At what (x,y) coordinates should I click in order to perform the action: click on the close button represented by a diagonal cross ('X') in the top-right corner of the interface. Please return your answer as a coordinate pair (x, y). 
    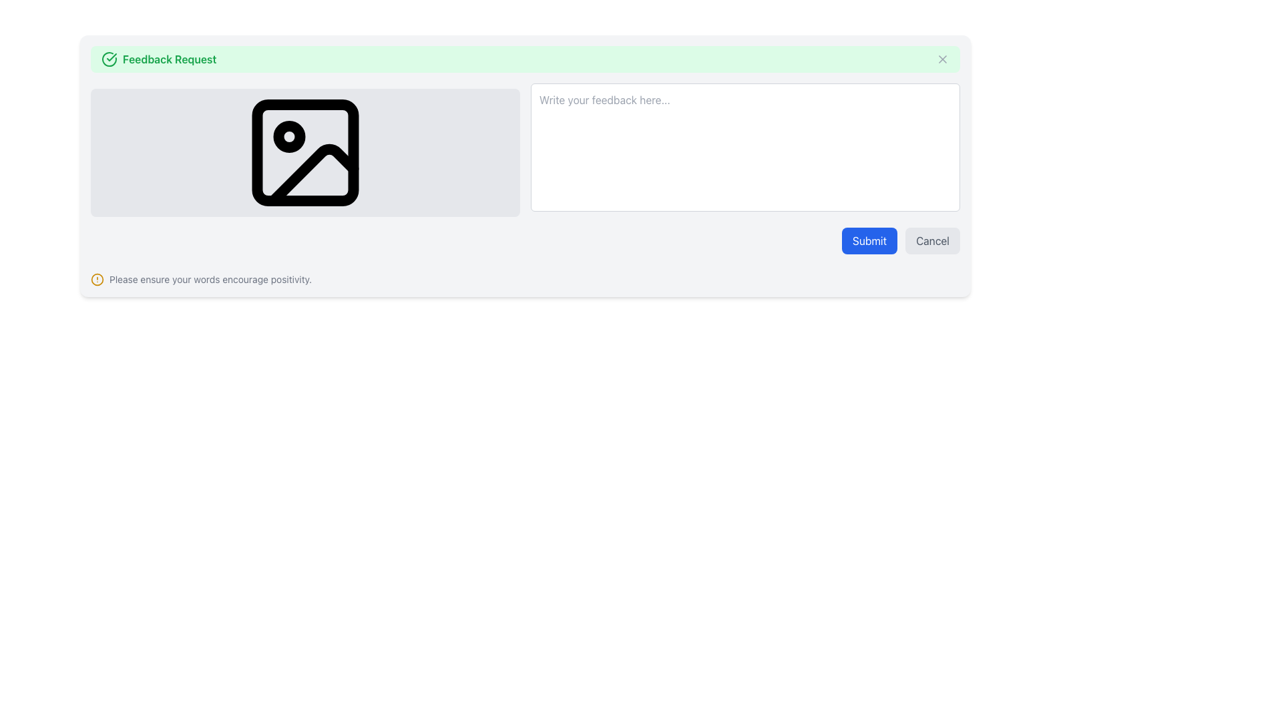
    Looking at the image, I should click on (941, 58).